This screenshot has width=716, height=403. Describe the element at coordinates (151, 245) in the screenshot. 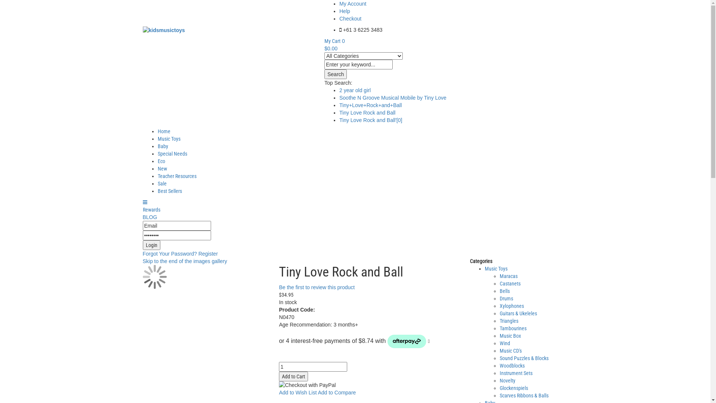

I see `'Login'` at that location.